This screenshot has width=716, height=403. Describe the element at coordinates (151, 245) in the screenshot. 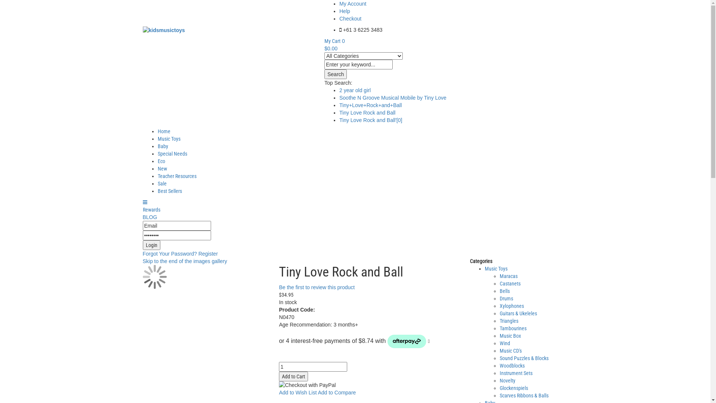

I see `'Login'` at that location.